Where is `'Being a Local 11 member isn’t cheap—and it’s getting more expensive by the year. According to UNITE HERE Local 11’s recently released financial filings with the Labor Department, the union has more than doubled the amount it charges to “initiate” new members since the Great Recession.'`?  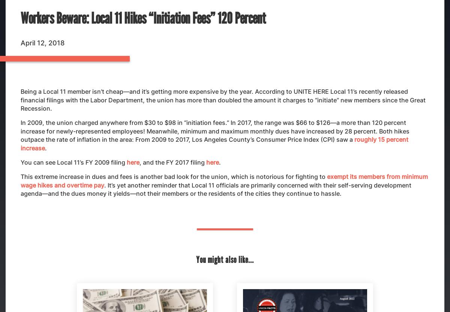
'Being a Local 11 member isn’t cheap—and it’s getting more expensive by the year. According to UNITE HERE Local 11’s recently released financial filings with the Labor Department, the union has more than doubled the amount it charges to “initiate” new members since the Great Recession.' is located at coordinates (222, 99).